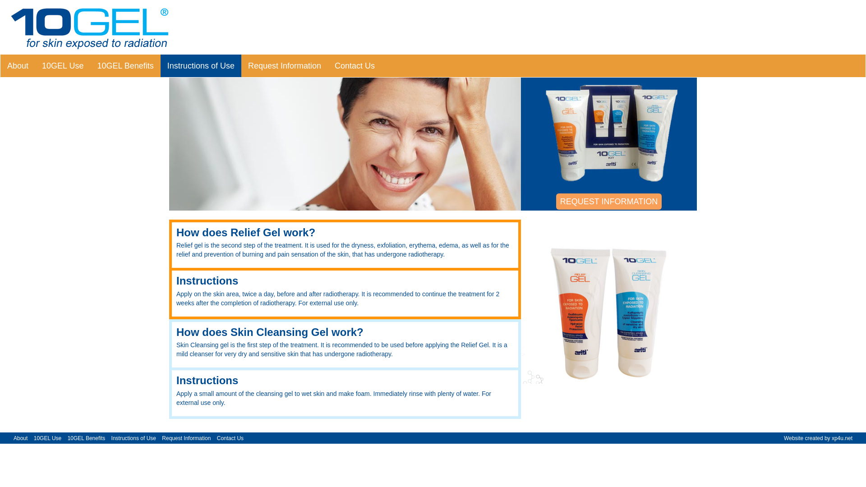 Image resolution: width=866 pixels, height=487 pixels. I want to click on '10GEL Use', so click(62, 65).